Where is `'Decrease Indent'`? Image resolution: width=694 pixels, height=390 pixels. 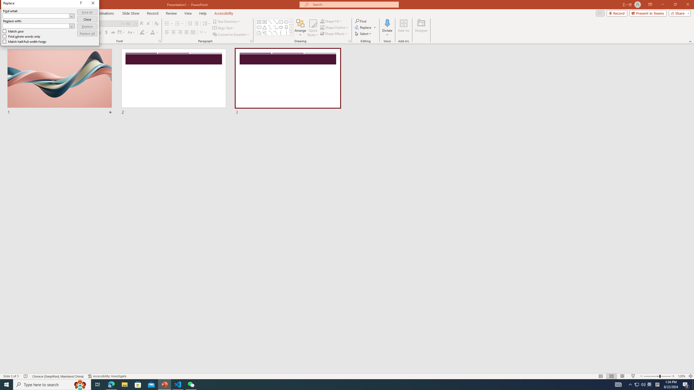 'Decrease Indent' is located at coordinates (190, 24).